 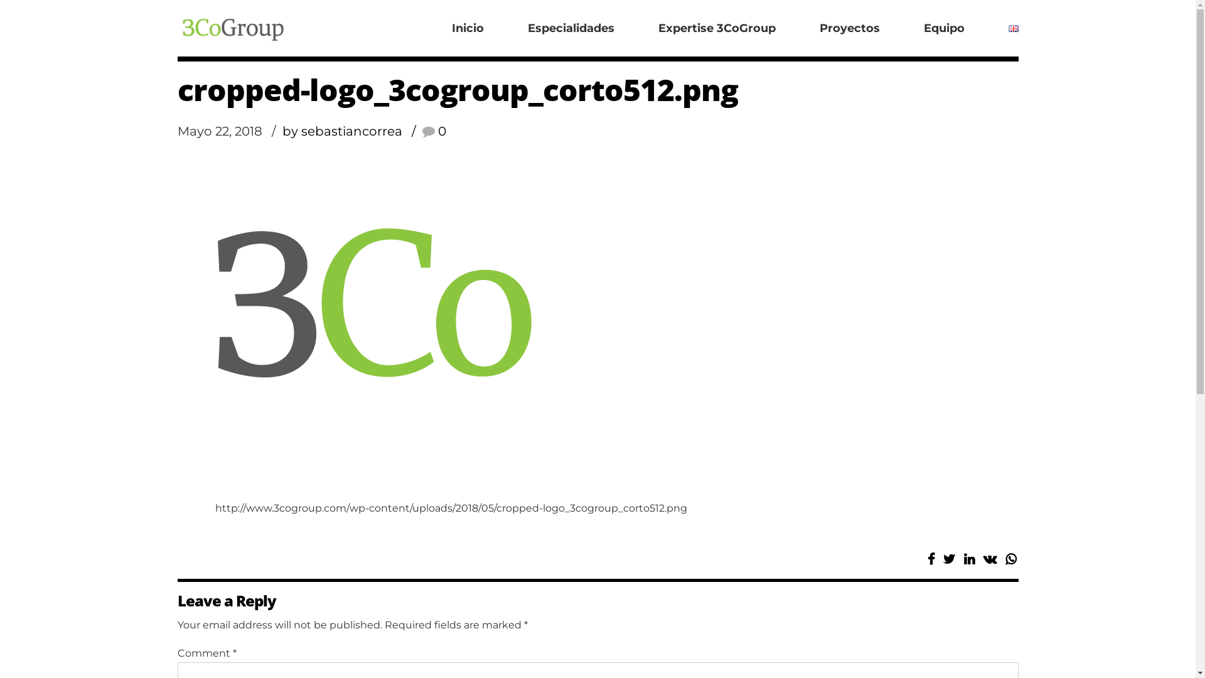 I want to click on 'Expertise 3CoGroup', so click(x=716, y=28).